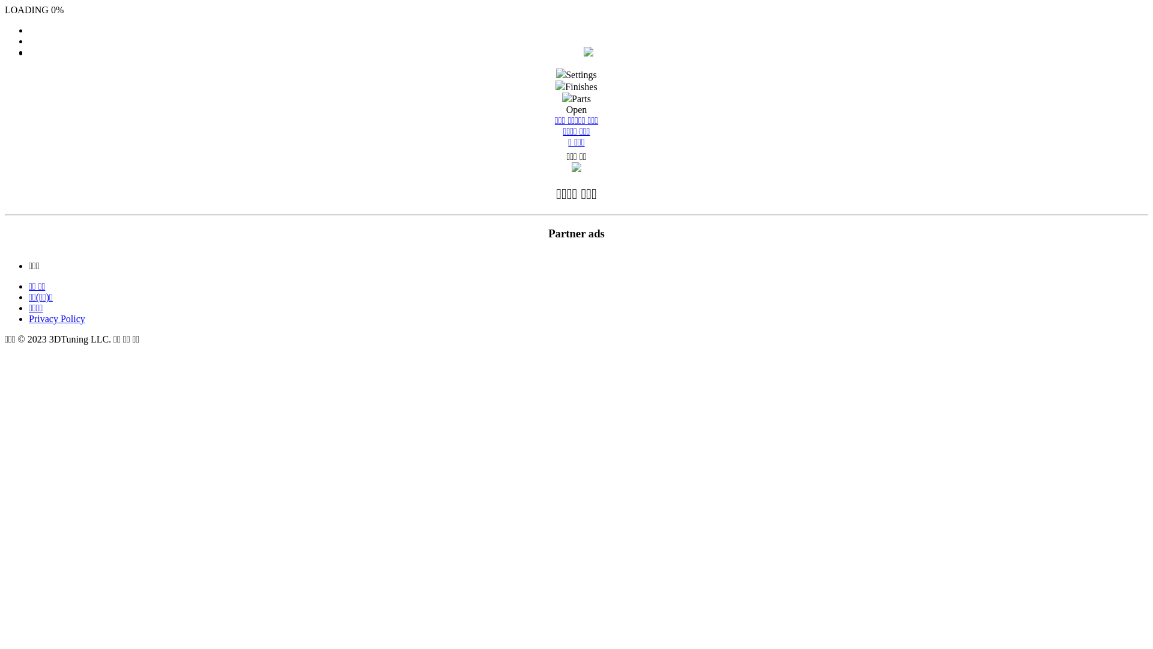  What do you see at coordinates (56, 318) in the screenshot?
I see `'Privacy Policy'` at bounding box center [56, 318].